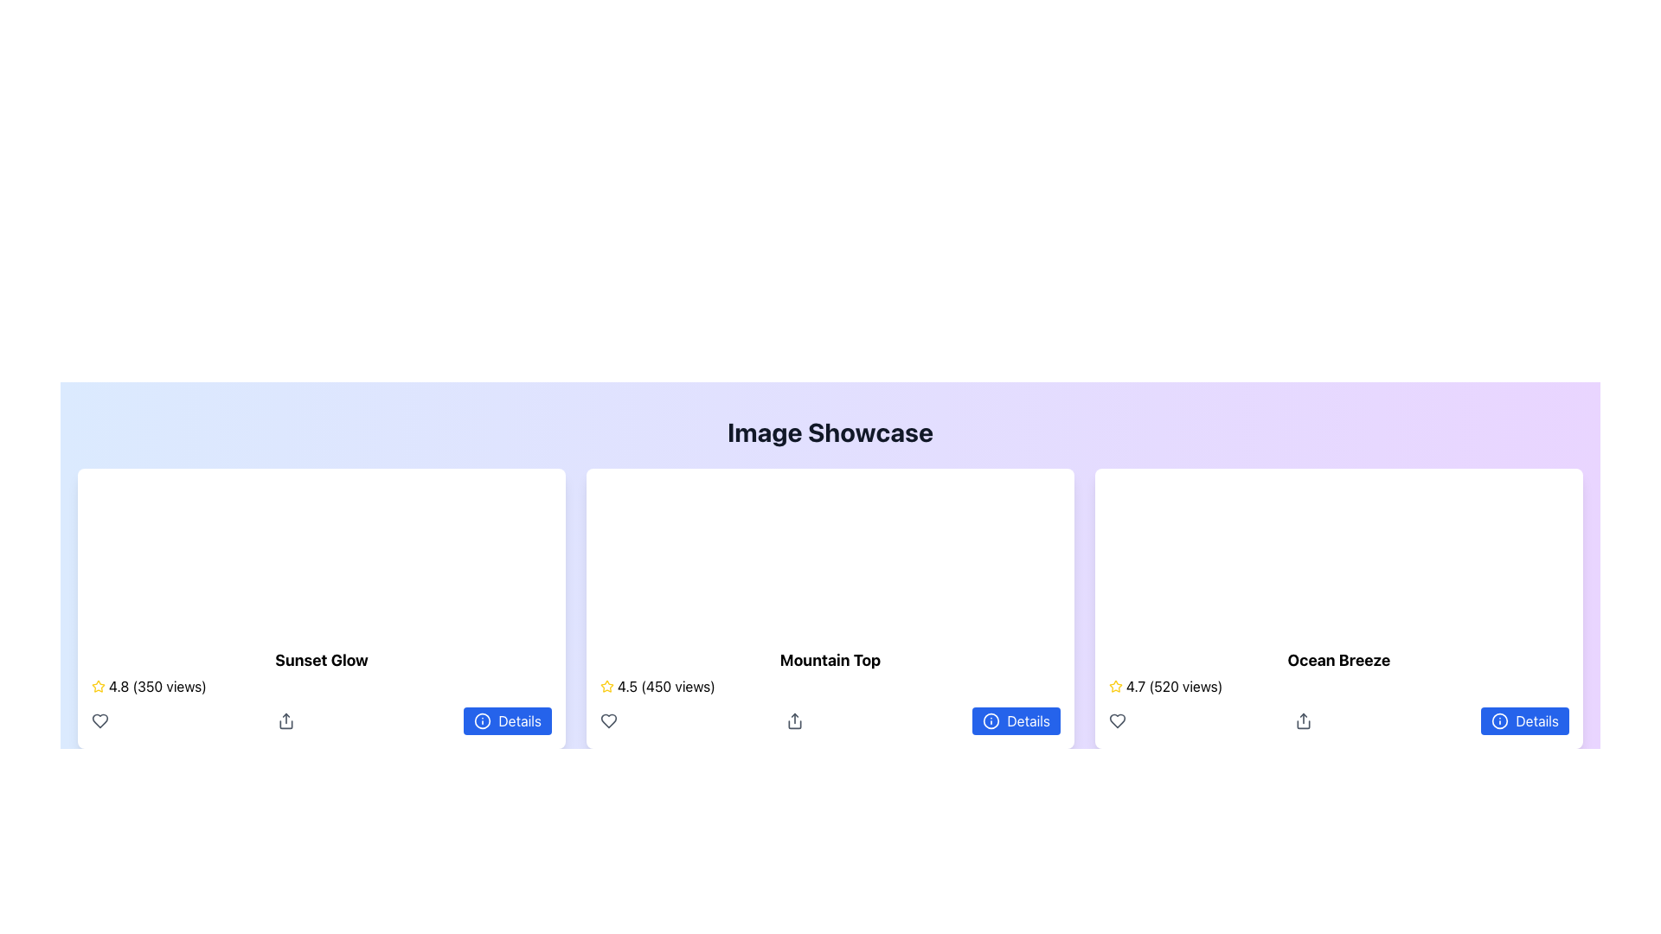 Image resolution: width=1661 pixels, height=934 pixels. What do you see at coordinates (991, 720) in the screenshot?
I see `the contextual information icon located to the left of the 'Details' button on the 'Mountain Top' card at the bottom right corner of the interface` at bounding box center [991, 720].